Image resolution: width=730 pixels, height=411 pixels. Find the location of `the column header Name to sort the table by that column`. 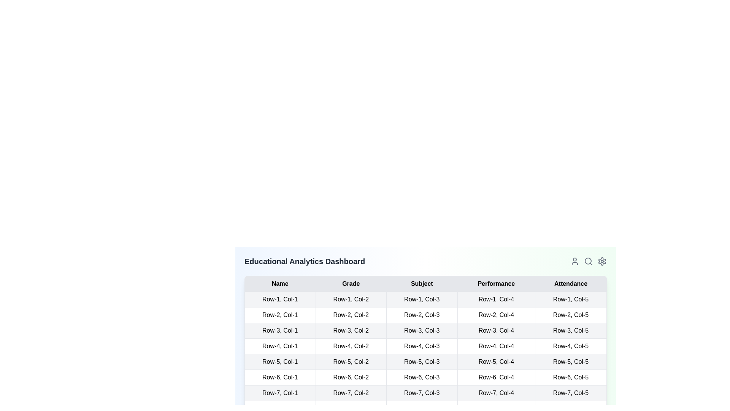

the column header Name to sort the table by that column is located at coordinates (279, 284).